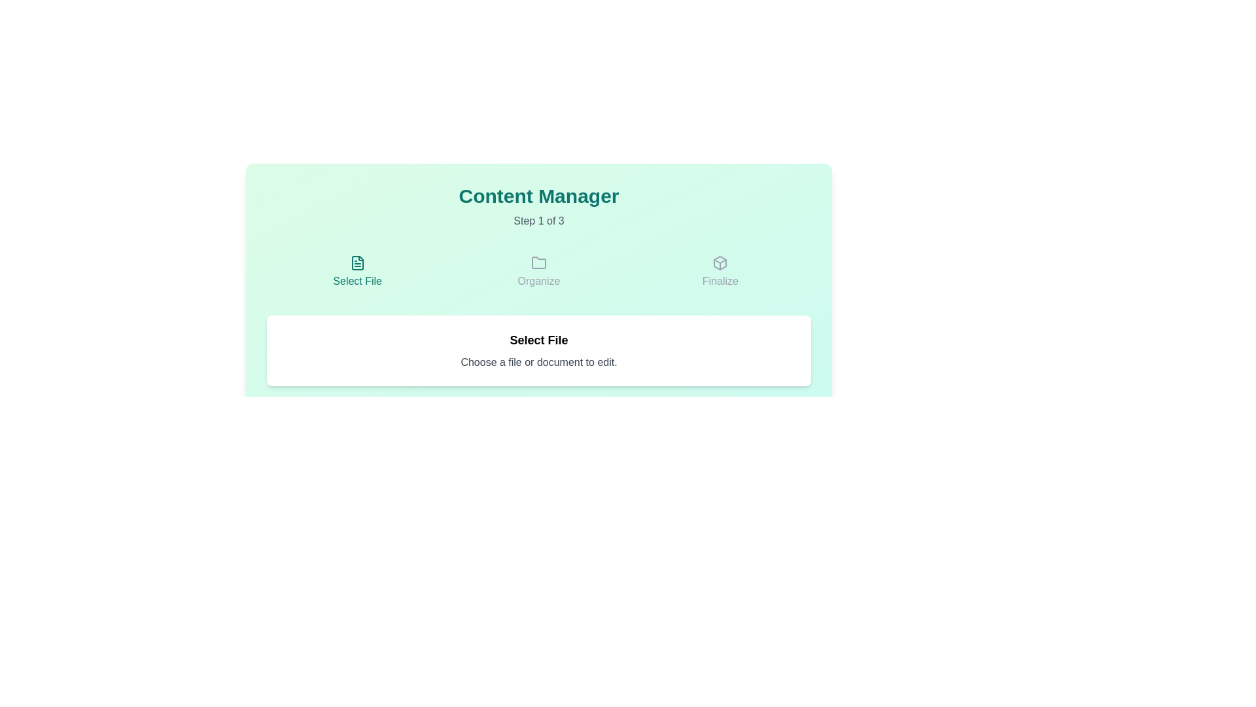 The height and width of the screenshot is (707, 1256). I want to click on the 'Finalize' icon, which is the third item in a row of icons under the 'Finalize' text in the header section, so click(720, 263).